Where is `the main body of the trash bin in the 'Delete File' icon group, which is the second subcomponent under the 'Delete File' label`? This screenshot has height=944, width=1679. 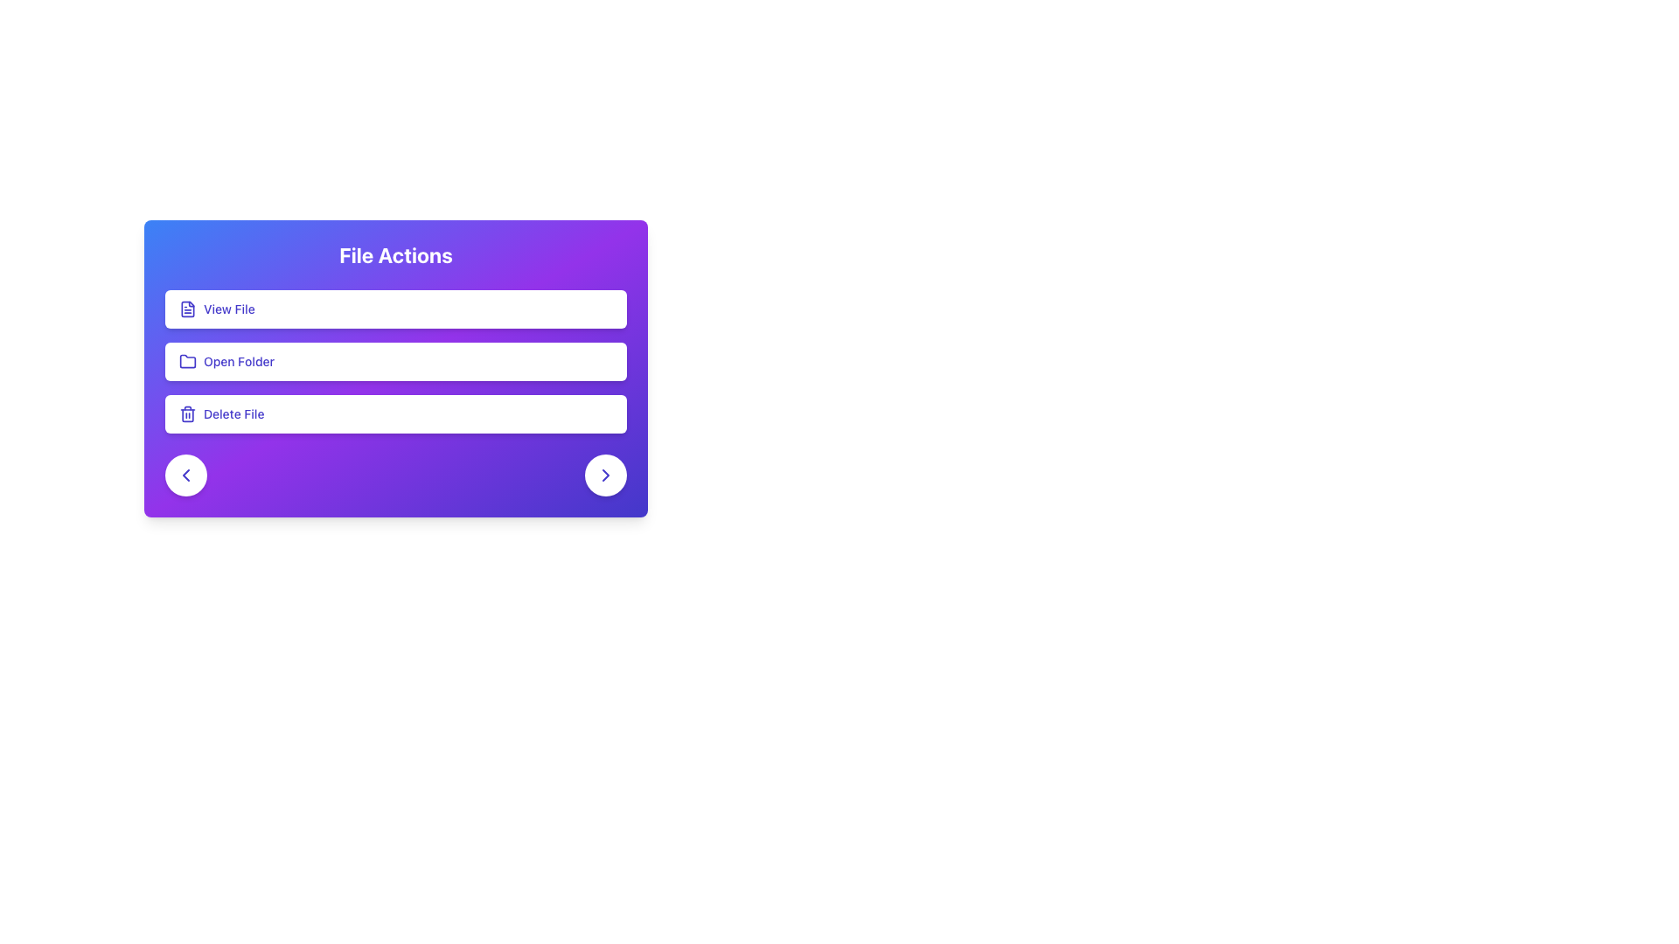 the main body of the trash bin in the 'Delete File' icon group, which is the second subcomponent under the 'Delete File' label is located at coordinates (188, 414).